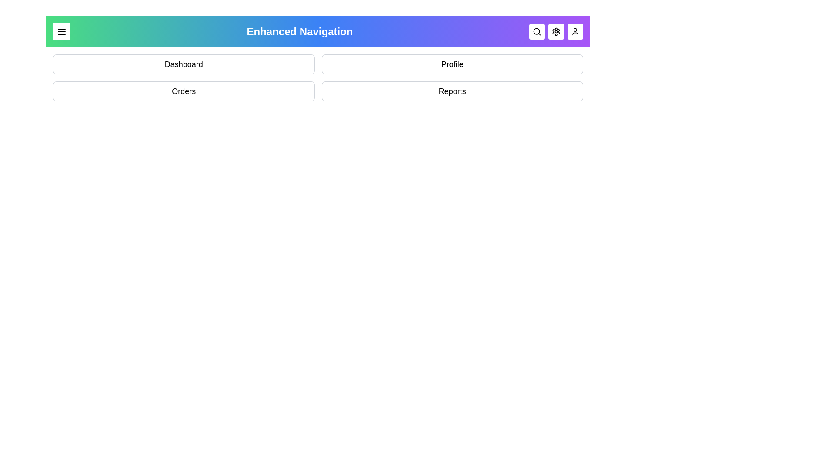 The image size is (835, 470). What do you see at coordinates (61, 31) in the screenshot?
I see `the menu toggle button to toggle the menu visibility` at bounding box center [61, 31].